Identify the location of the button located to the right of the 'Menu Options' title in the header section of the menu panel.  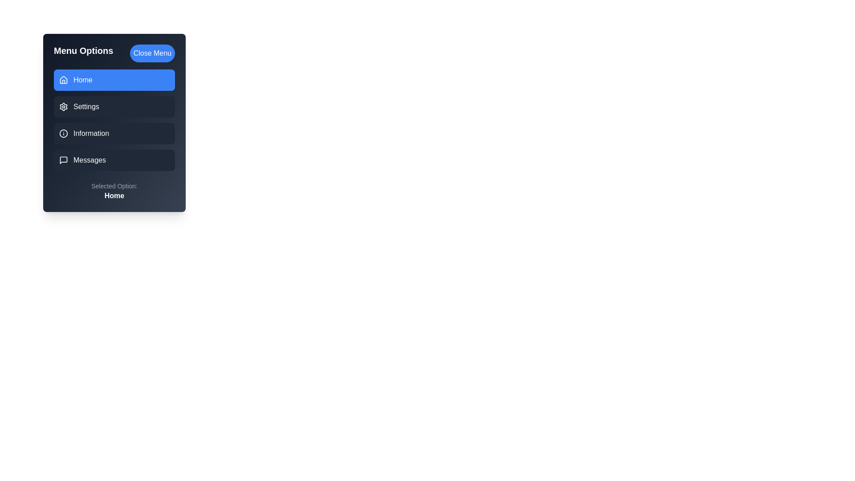
(152, 53).